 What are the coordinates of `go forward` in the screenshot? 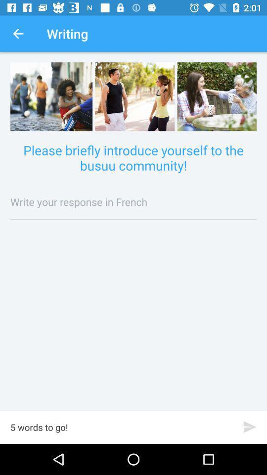 It's located at (249, 427).